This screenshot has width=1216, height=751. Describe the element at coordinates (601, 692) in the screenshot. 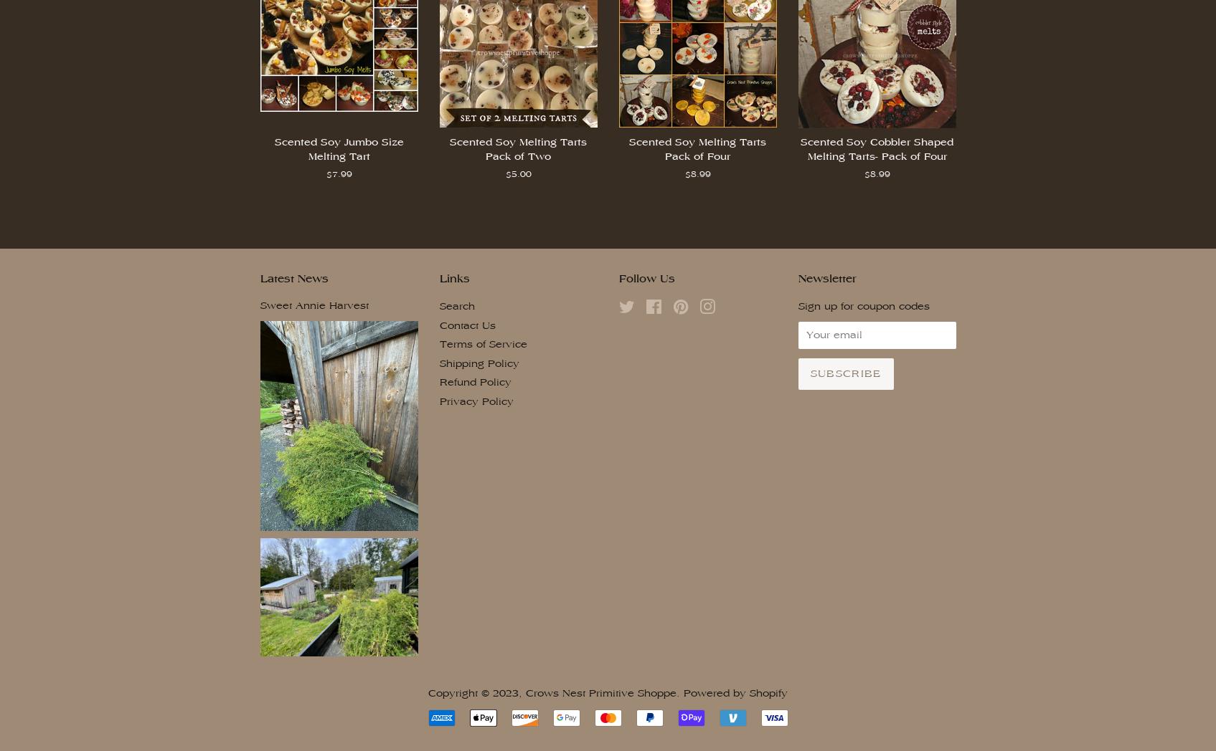

I see `'Crows Nest Primitive Shoppe'` at that location.